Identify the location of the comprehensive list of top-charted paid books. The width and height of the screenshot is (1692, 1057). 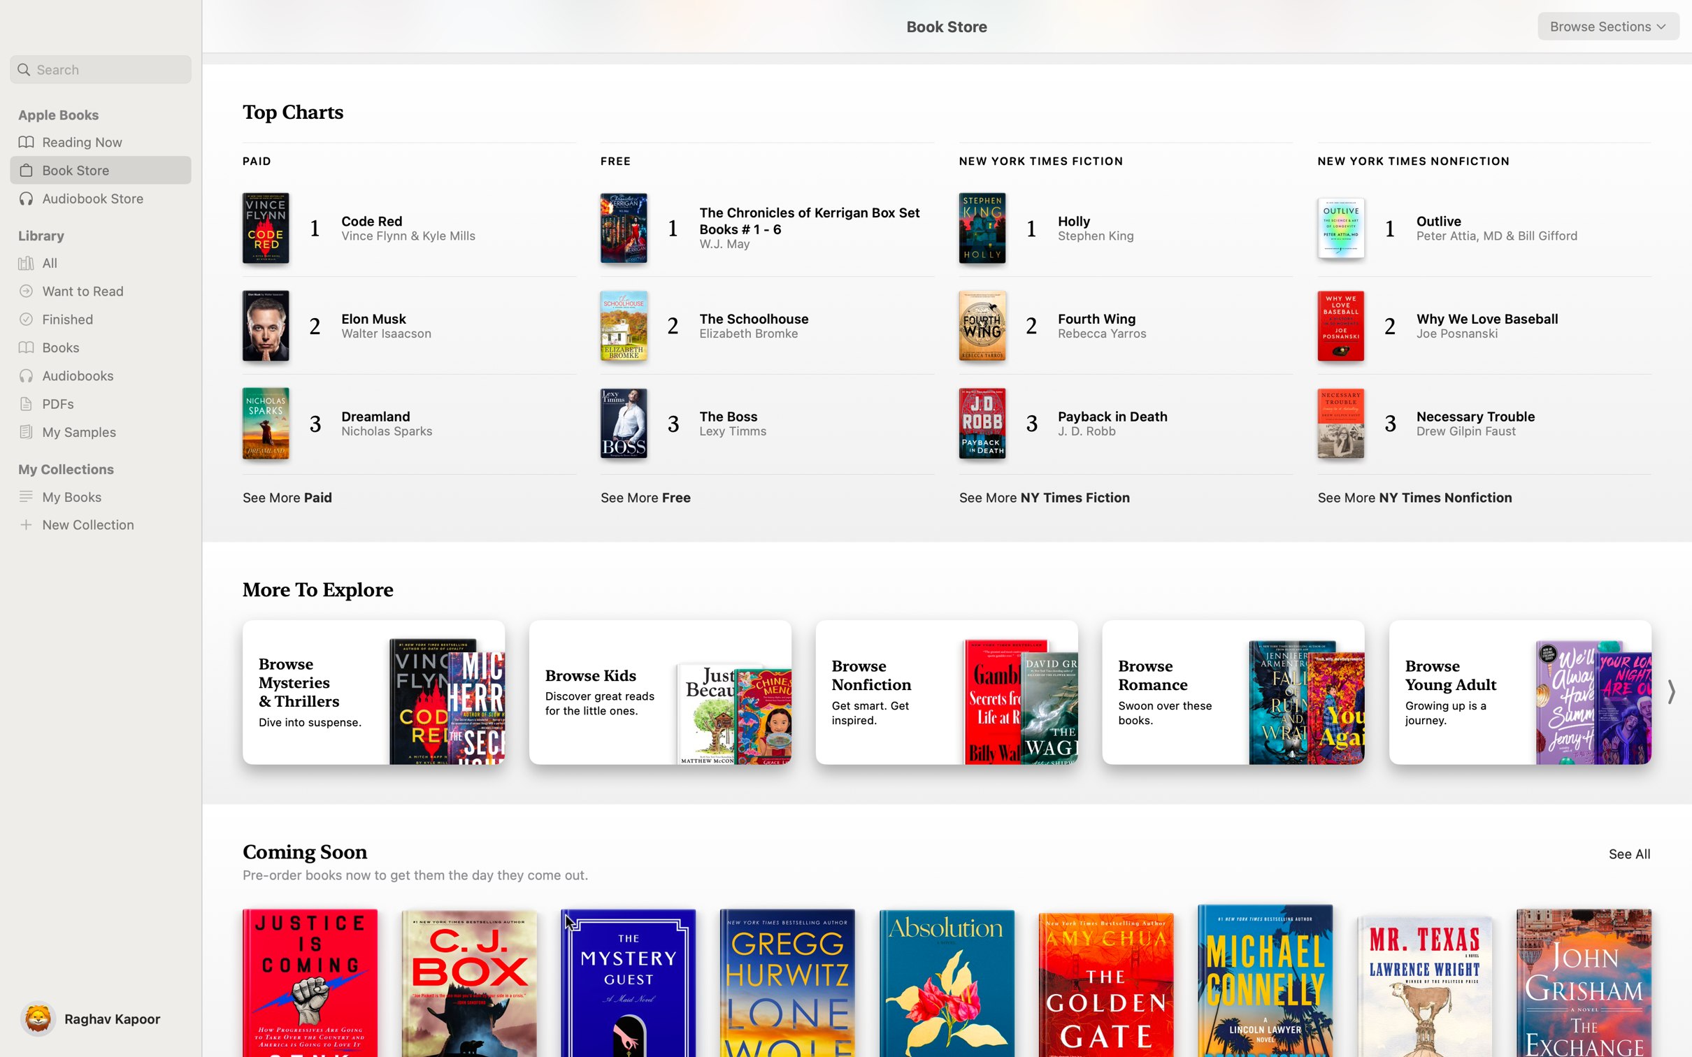
(288, 494).